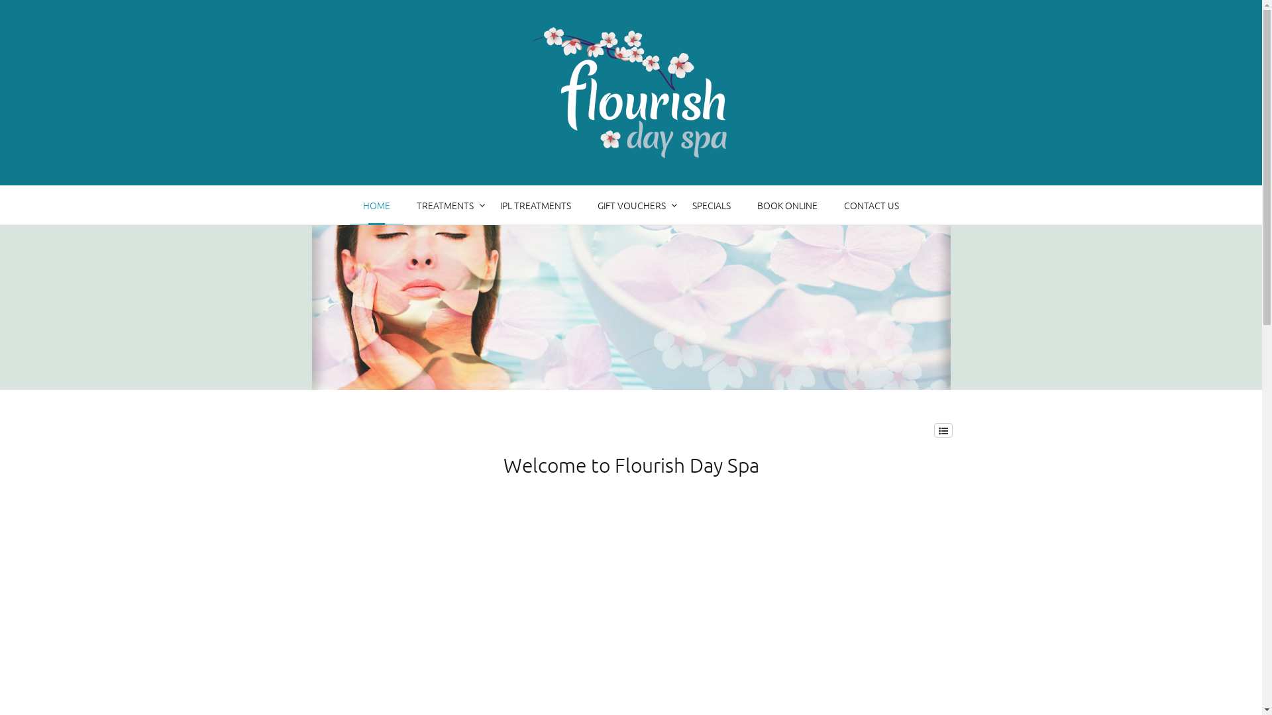 The width and height of the screenshot is (1272, 715). I want to click on 'GIFT VOUCHERS', so click(631, 205).